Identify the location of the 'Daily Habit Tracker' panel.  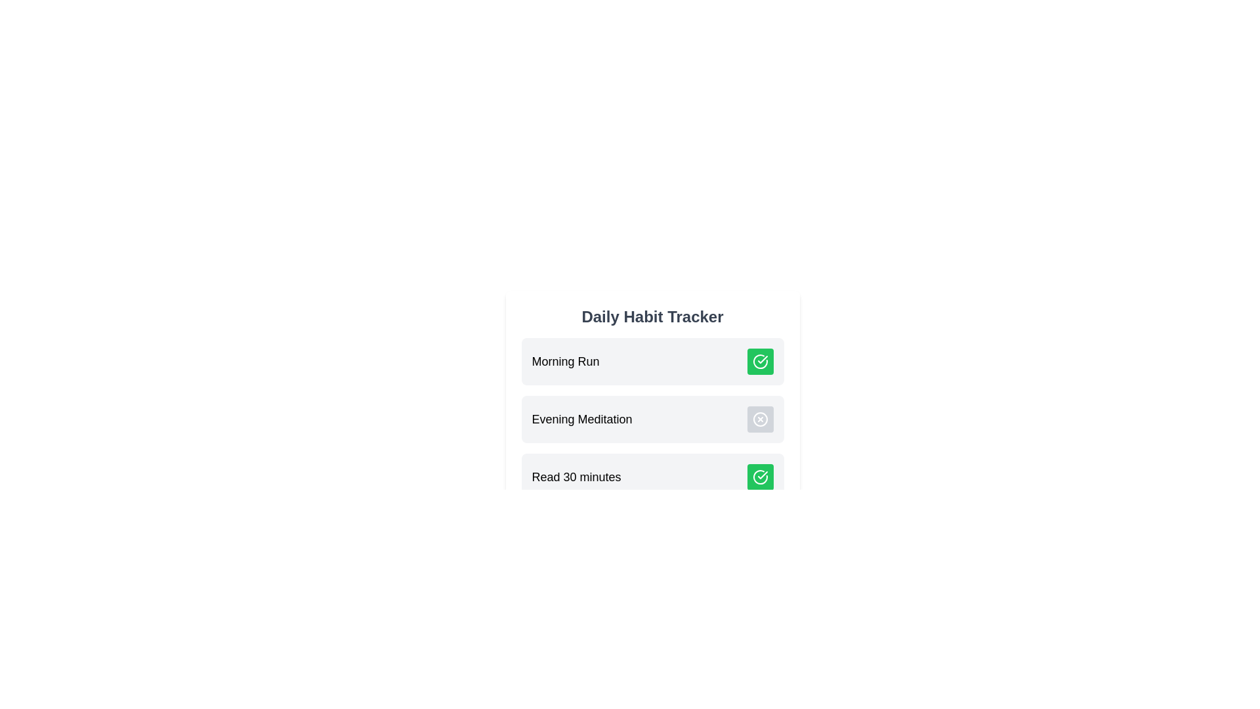
(652, 402).